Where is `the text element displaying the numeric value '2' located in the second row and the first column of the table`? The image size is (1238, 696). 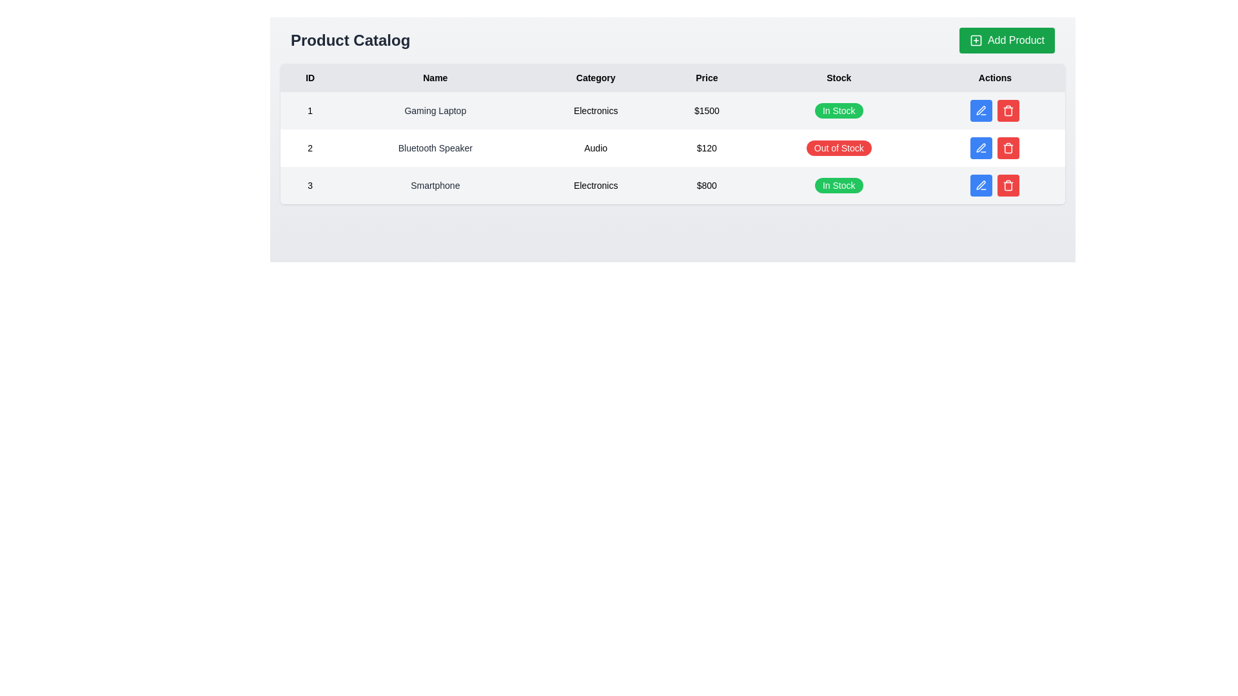 the text element displaying the numeric value '2' located in the second row and the first column of the table is located at coordinates (310, 148).